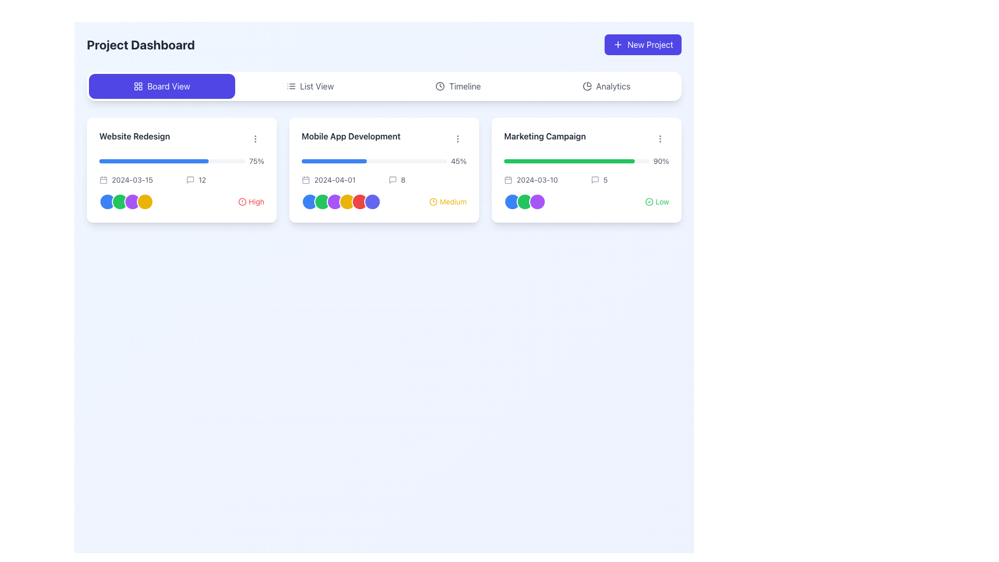  What do you see at coordinates (241, 202) in the screenshot?
I see `the red circular icon located in the bottom right area of the 'Website Redesign' card, adjacent to the 'High' label` at bounding box center [241, 202].